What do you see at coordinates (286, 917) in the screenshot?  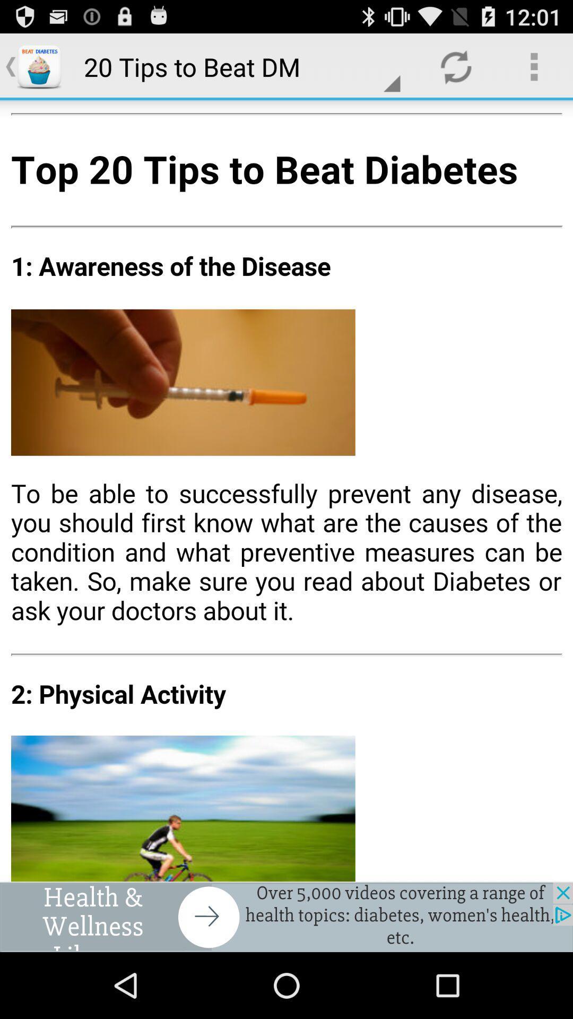 I see `open the advertisement` at bounding box center [286, 917].